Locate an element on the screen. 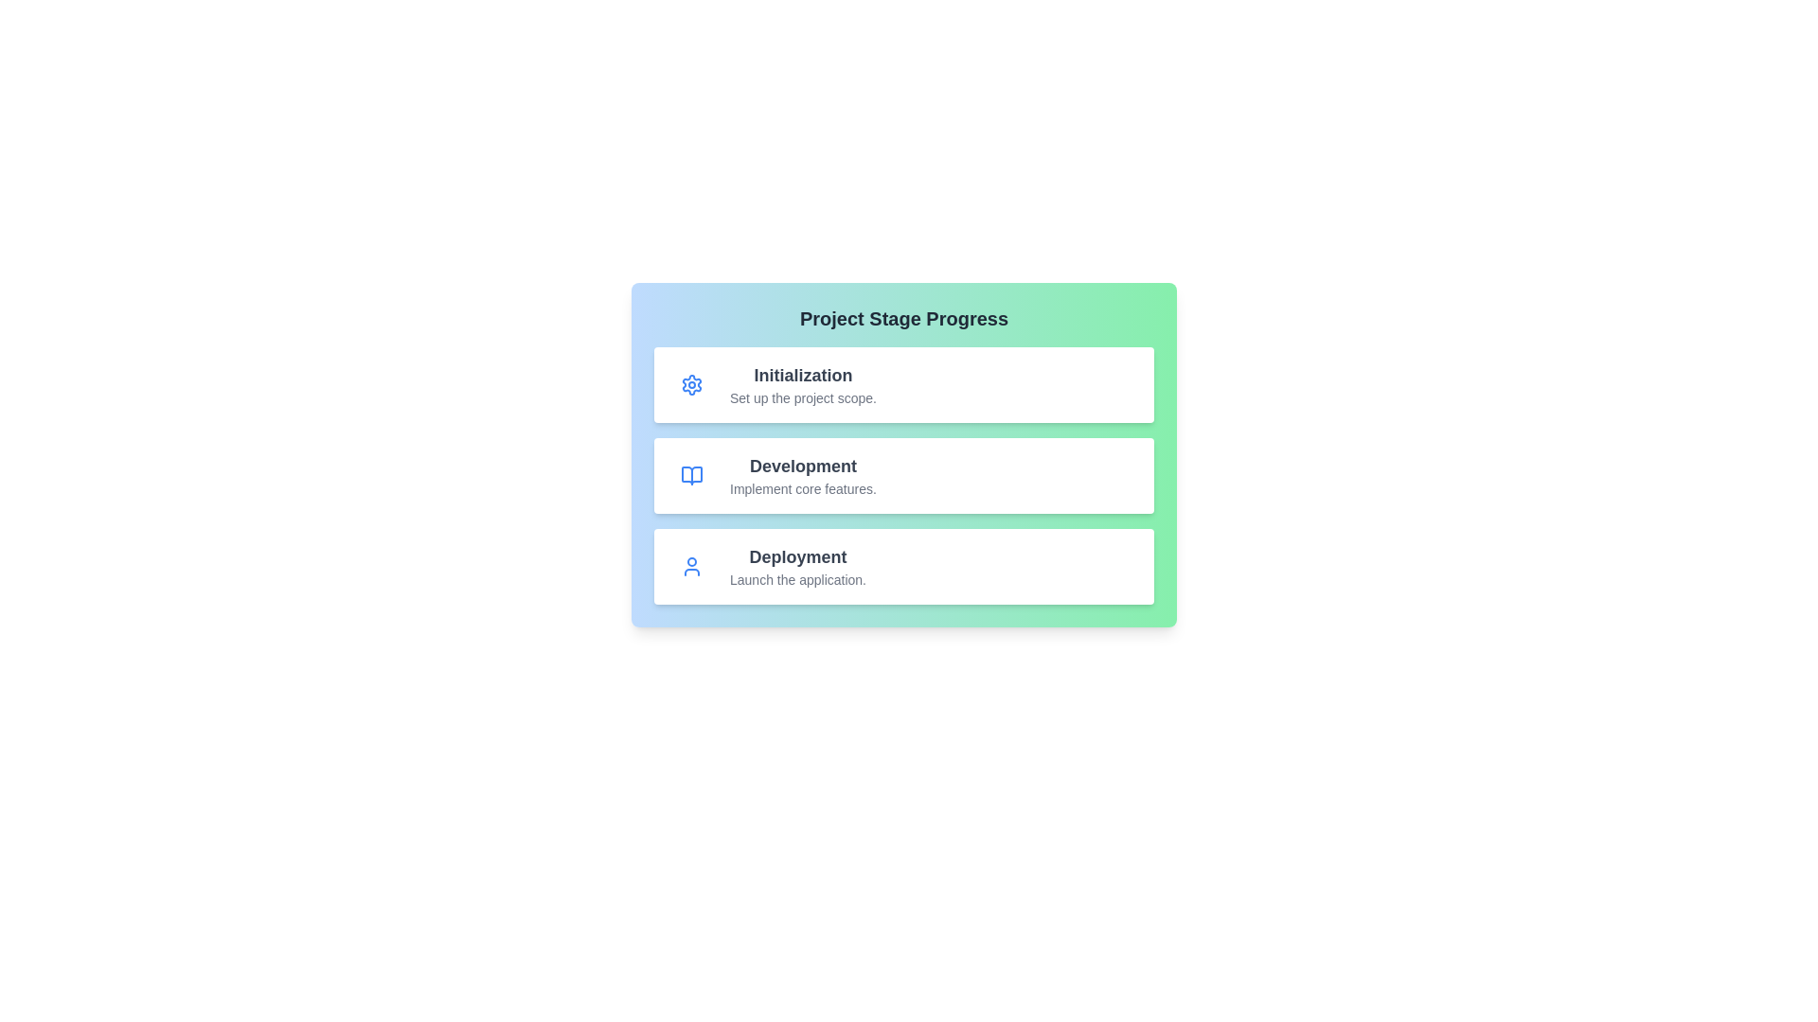  the text block representing the project phase 'Initialization' to read its heading and subheading is located at coordinates (803, 384).